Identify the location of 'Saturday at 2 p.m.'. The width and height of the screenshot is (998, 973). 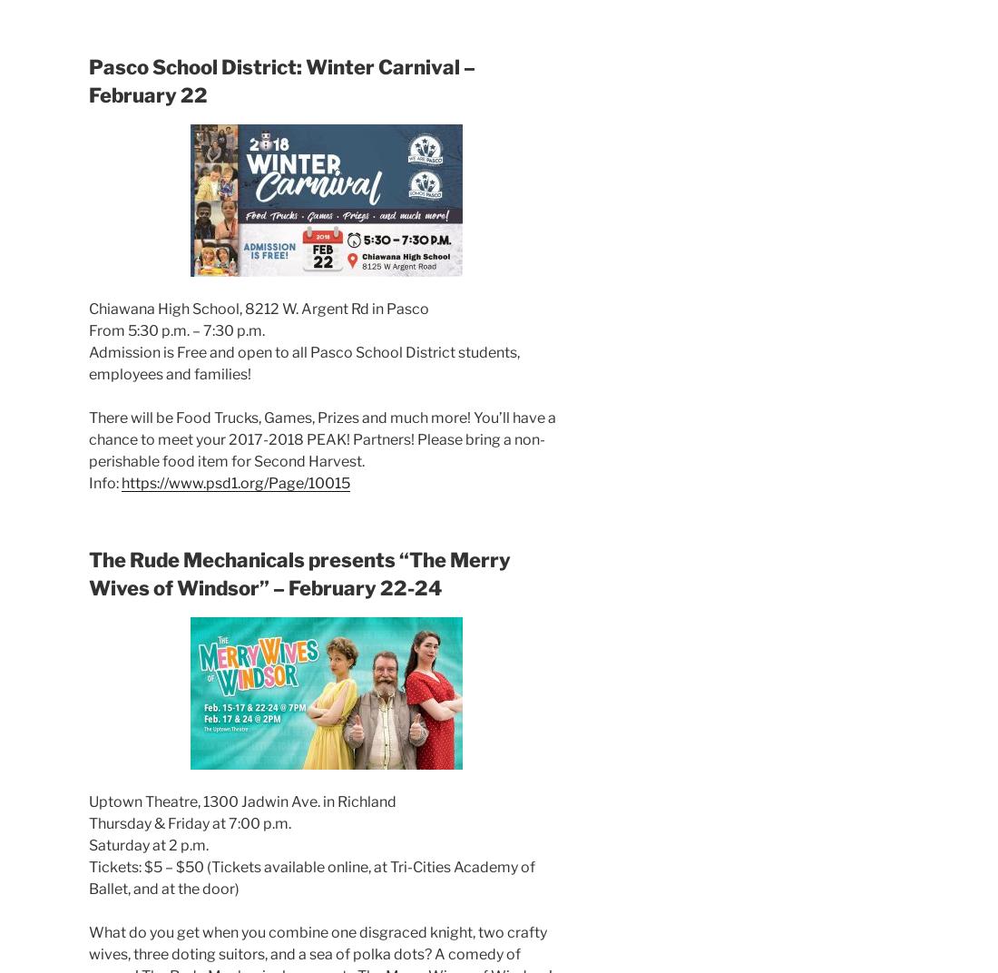
(148, 844).